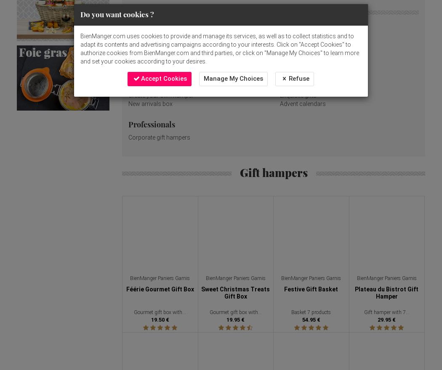 This screenshot has width=442, height=370. What do you see at coordinates (235, 319) in the screenshot?
I see `'19.95 €'` at bounding box center [235, 319].